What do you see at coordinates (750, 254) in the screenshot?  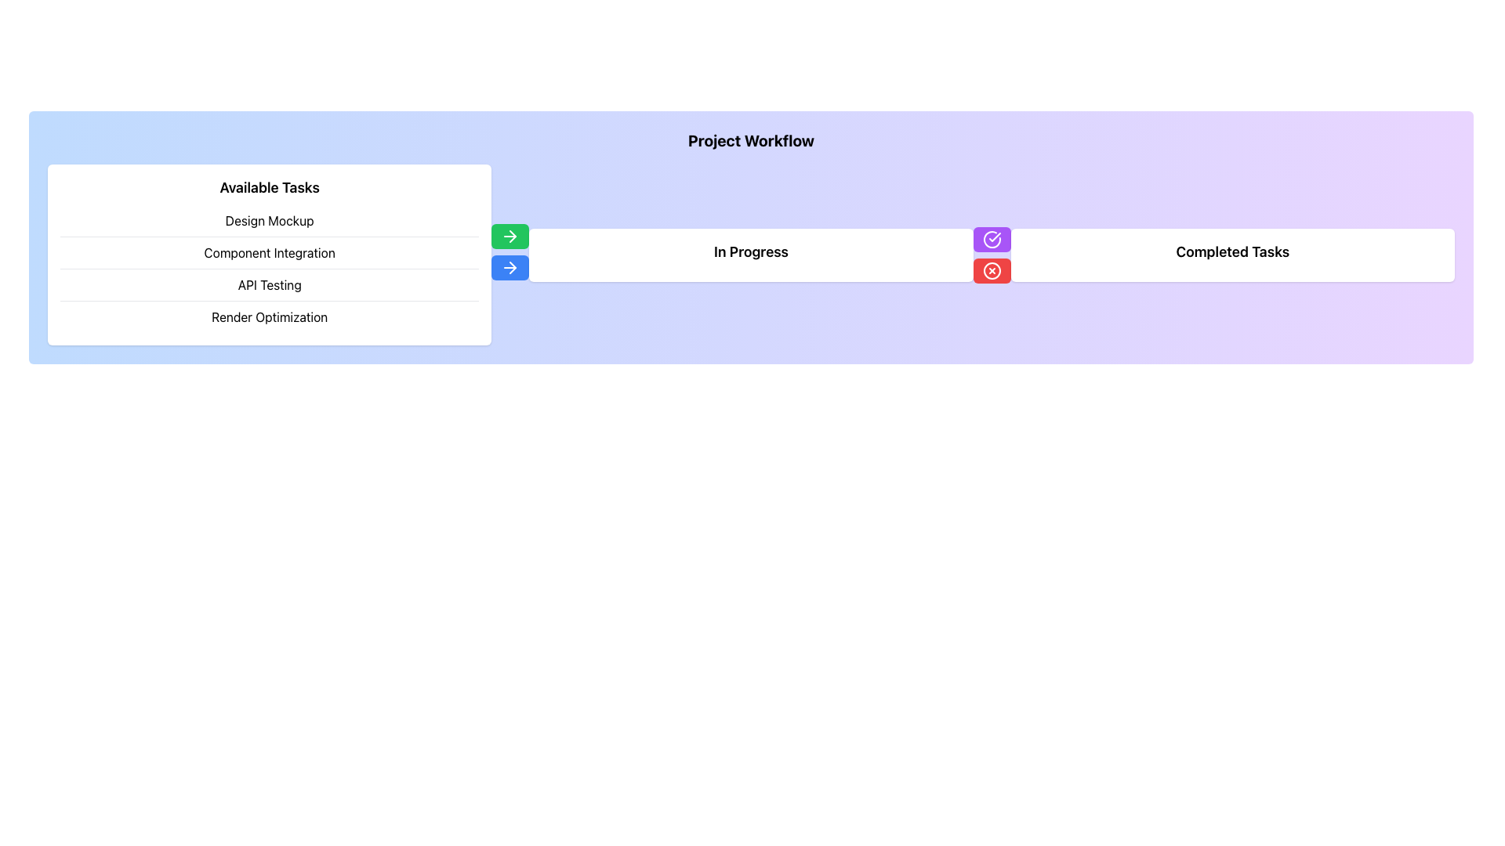 I see `the middle Informational Card, which represents tasks currently in progress, located between 'Available Tasks' and 'Completed Tasks'` at bounding box center [750, 254].